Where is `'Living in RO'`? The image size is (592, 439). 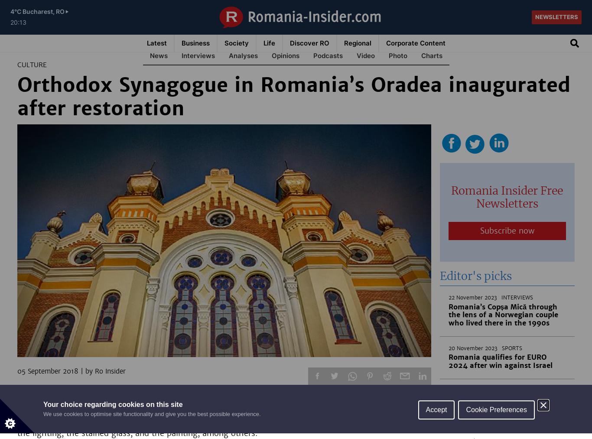 'Living in RO' is located at coordinates (308, 55).